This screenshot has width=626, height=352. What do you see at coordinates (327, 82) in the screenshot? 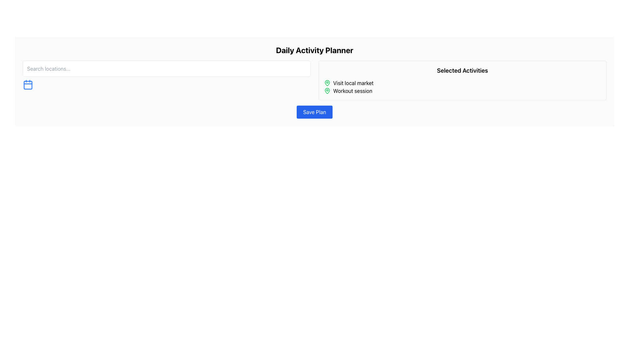
I see `the green map pin icon located to the left of the text 'Visit local market' in the 'Selected Activities' section` at bounding box center [327, 82].